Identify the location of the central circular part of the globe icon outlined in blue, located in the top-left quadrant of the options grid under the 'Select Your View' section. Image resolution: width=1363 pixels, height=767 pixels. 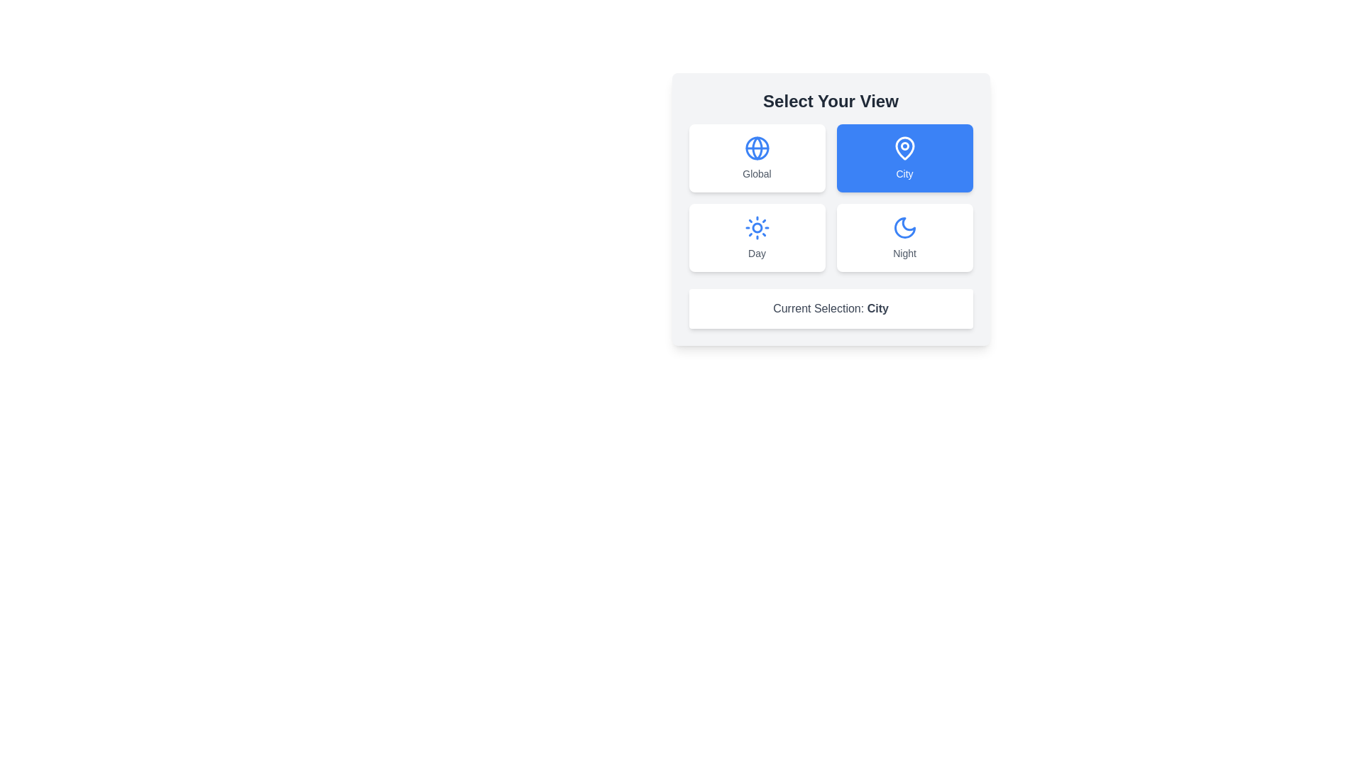
(756, 148).